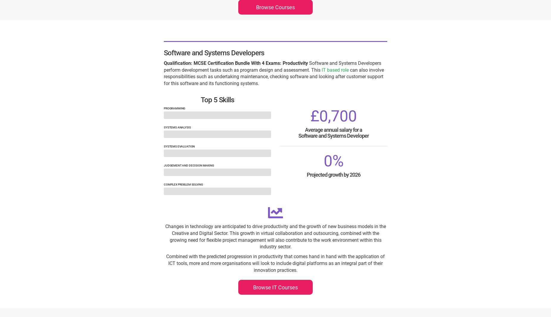 This screenshot has width=551, height=317. What do you see at coordinates (333, 135) in the screenshot?
I see `'Software and Systems Developer'` at bounding box center [333, 135].